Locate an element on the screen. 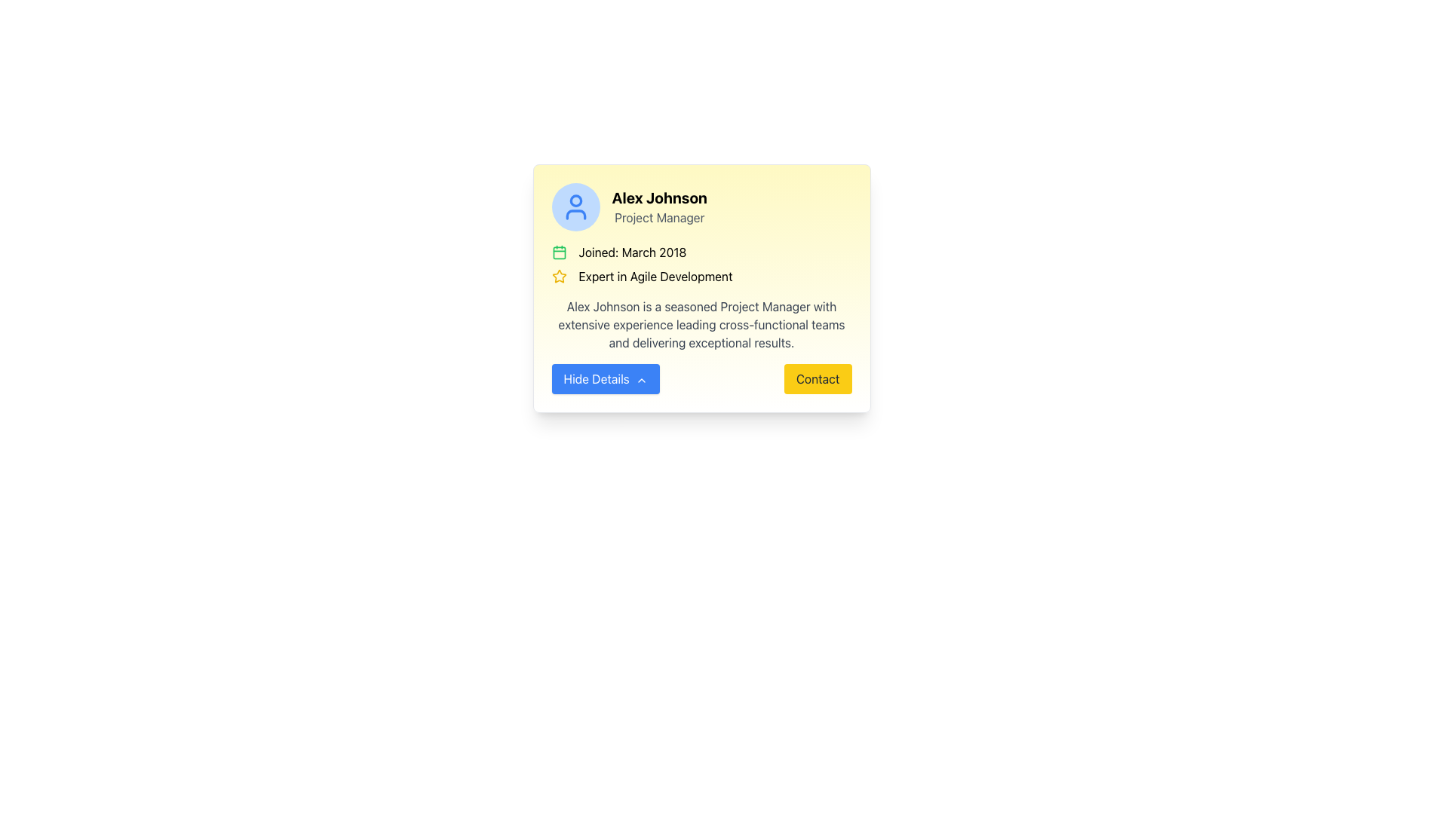  information displayed in the Text Label that shows the user's joining date, which is positioned to the right of a green calendar icon is located at coordinates (632, 252).